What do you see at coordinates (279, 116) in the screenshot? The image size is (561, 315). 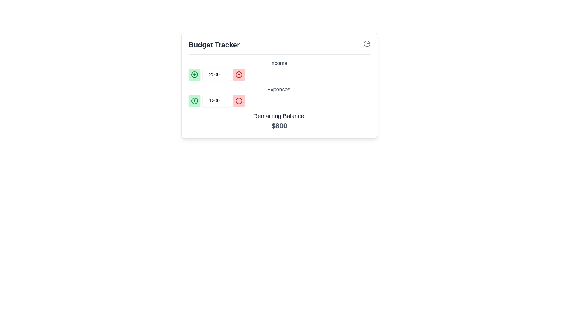 I see `the text label indicating the remaining balance, which is located on the left side of the dollar amount at the bottom of the card component` at bounding box center [279, 116].